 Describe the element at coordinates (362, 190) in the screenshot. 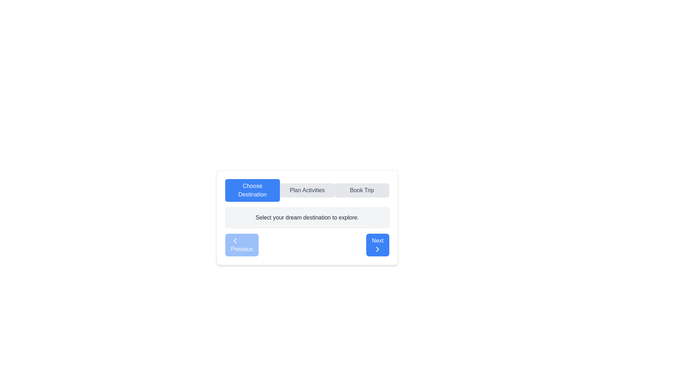

I see `the 'Book Trip' button, which is a horizontally rectangular button with a light gray background and dark gray text, located at the top right of the button group` at that location.